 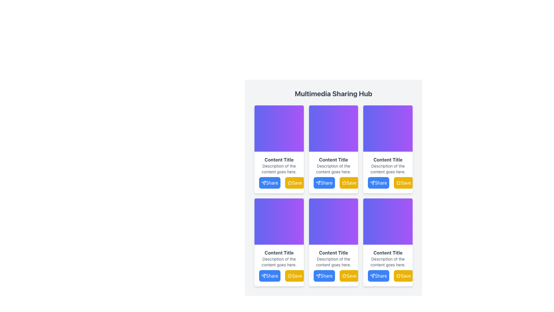 What do you see at coordinates (388, 172) in the screenshot?
I see `the 'Save' button on the content card to bookmark the content, which is located in the third column of the first row within a grid layout` at bounding box center [388, 172].